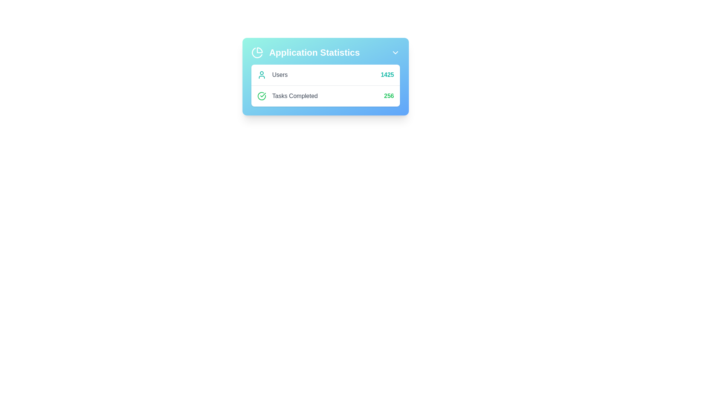 The height and width of the screenshot is (401, 713). What do you see at coordinates (387, 75) in the screenshot?
I see `the static numeric text displaying the count of users, located on the right side of the 'Users' label` at bounding box center [387, 75].